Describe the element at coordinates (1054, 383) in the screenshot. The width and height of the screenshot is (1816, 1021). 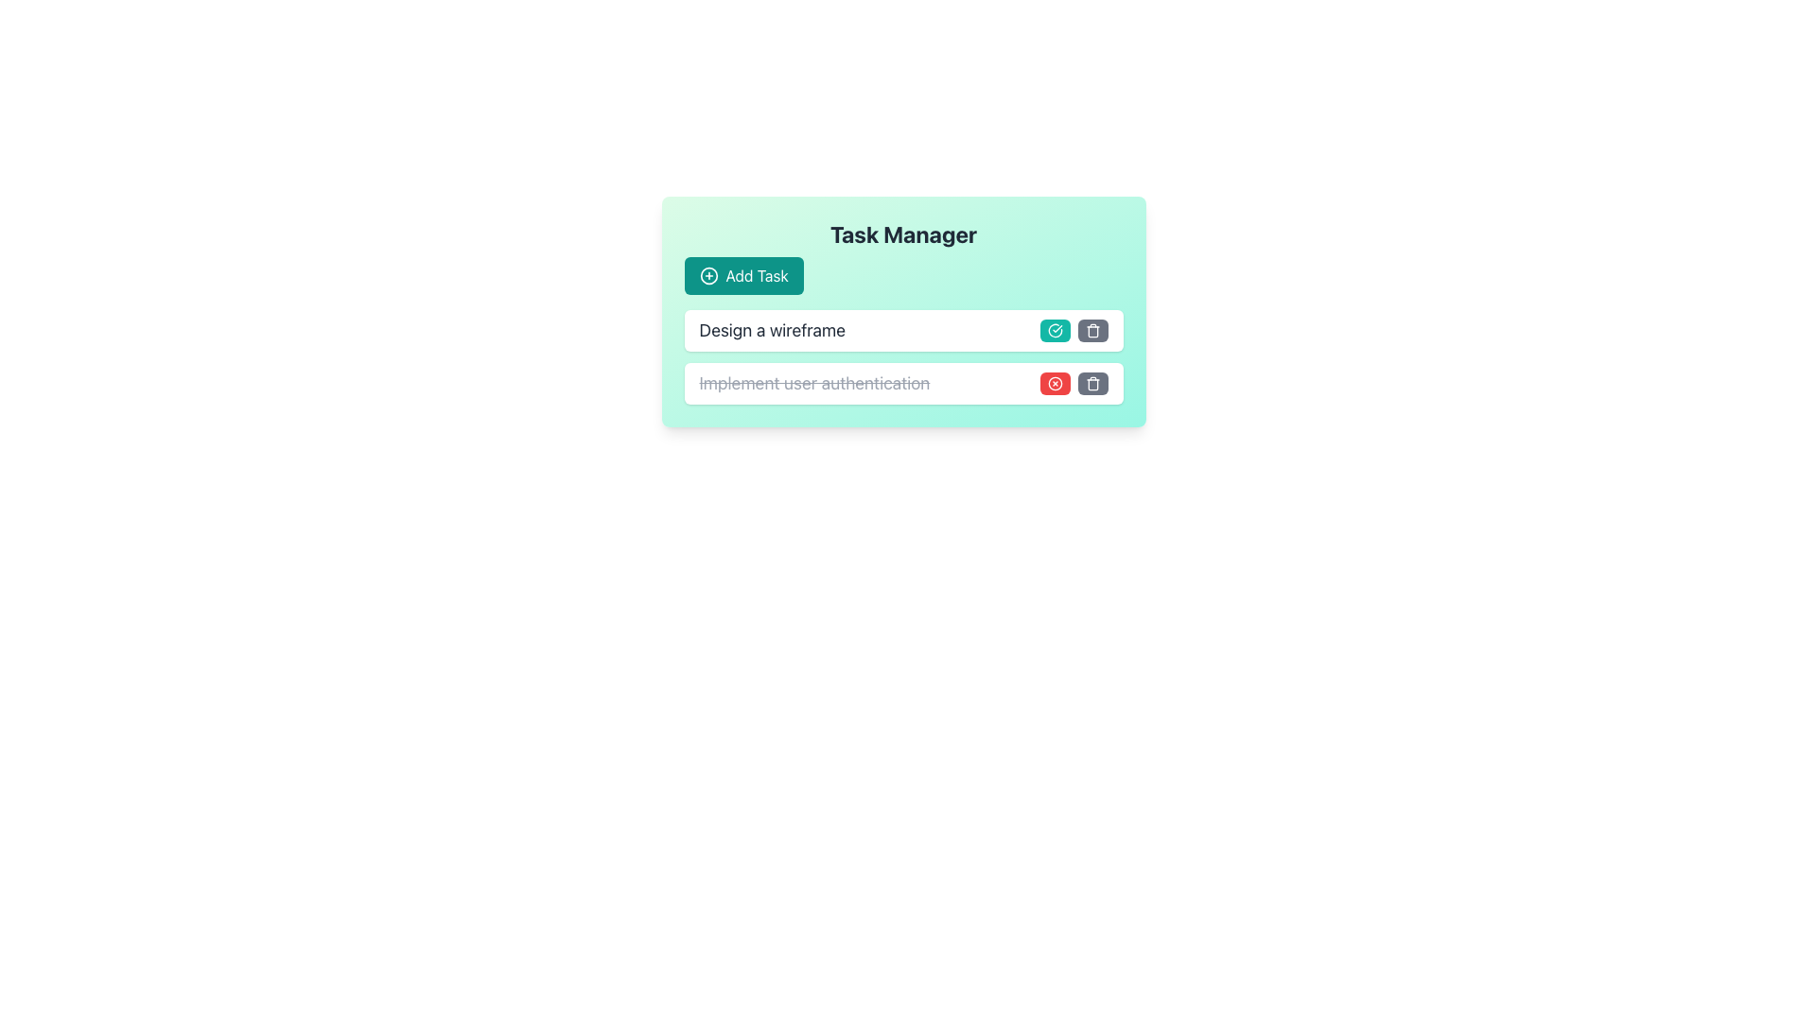
I see `the red delete button located to the right of the 'Implement user authentication' text input field in the second task row of the task manager interface` at that location.